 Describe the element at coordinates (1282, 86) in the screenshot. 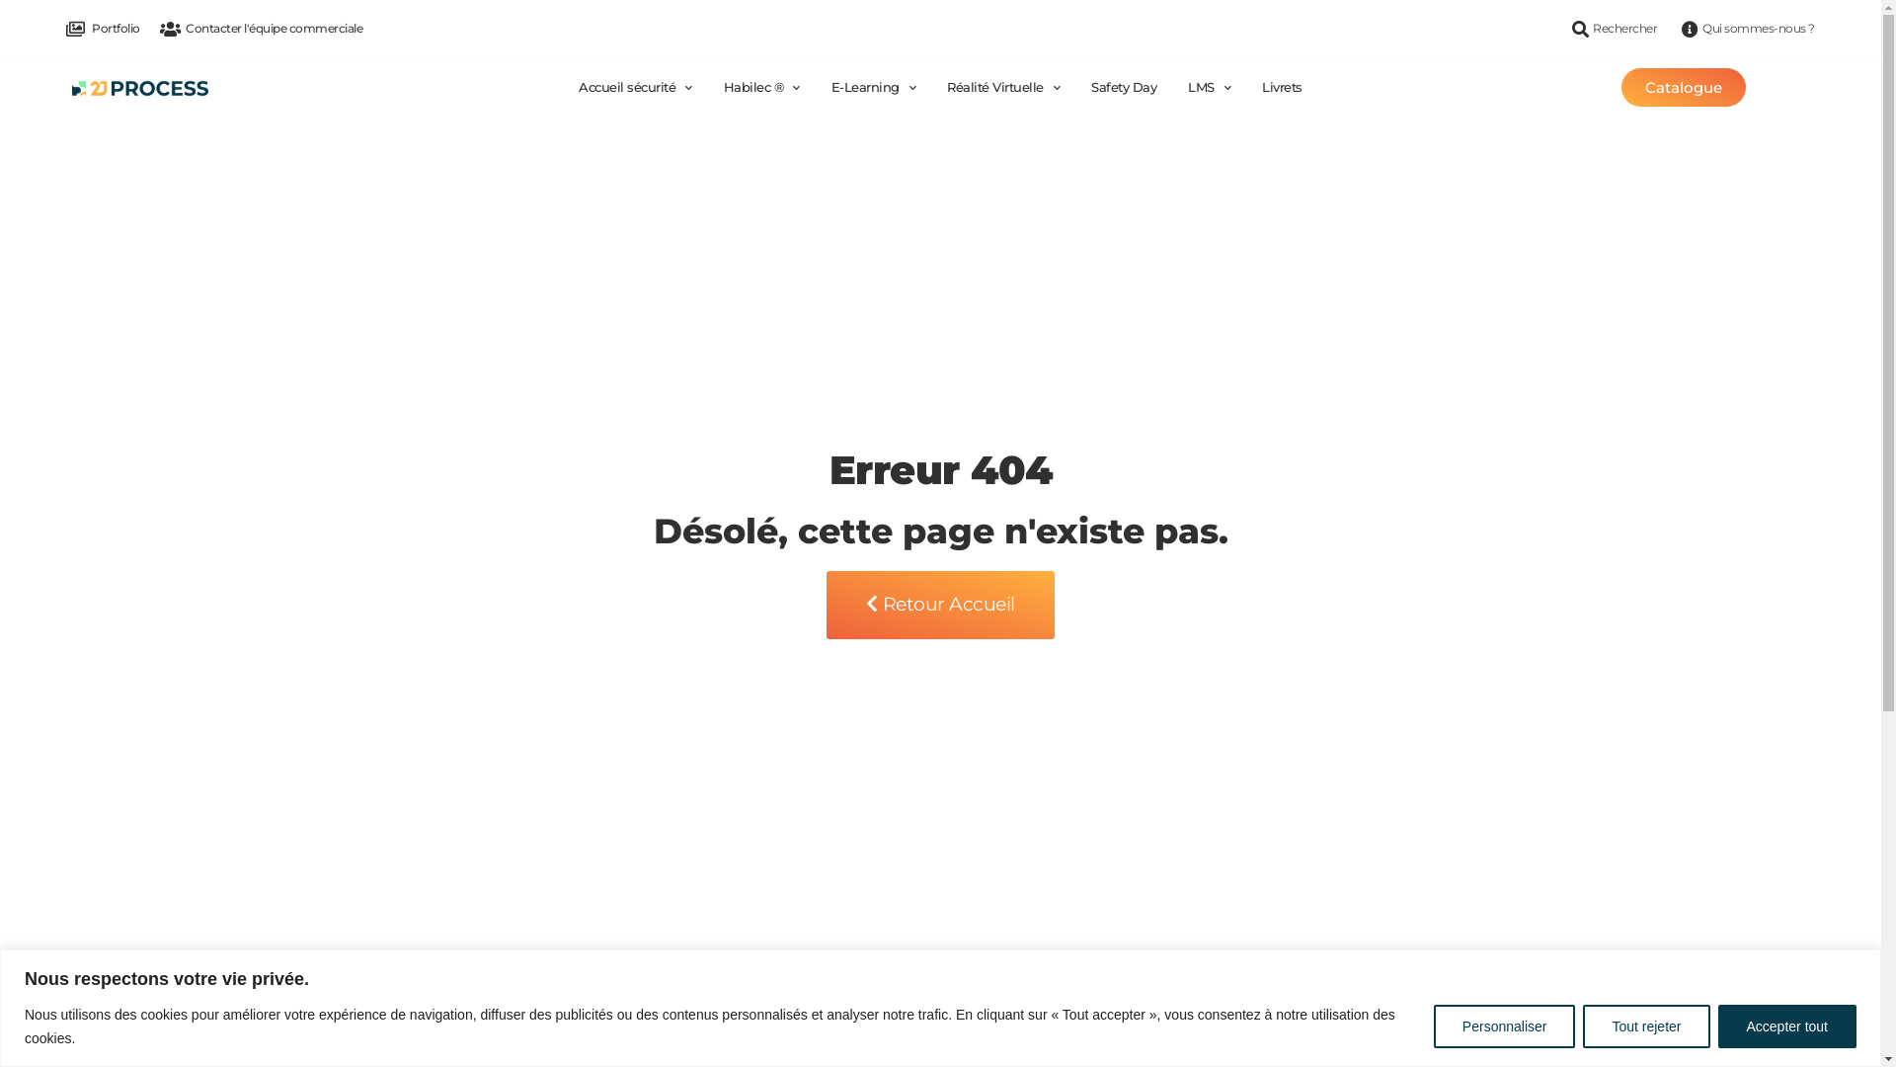

I see `'Livrets'` at that location.